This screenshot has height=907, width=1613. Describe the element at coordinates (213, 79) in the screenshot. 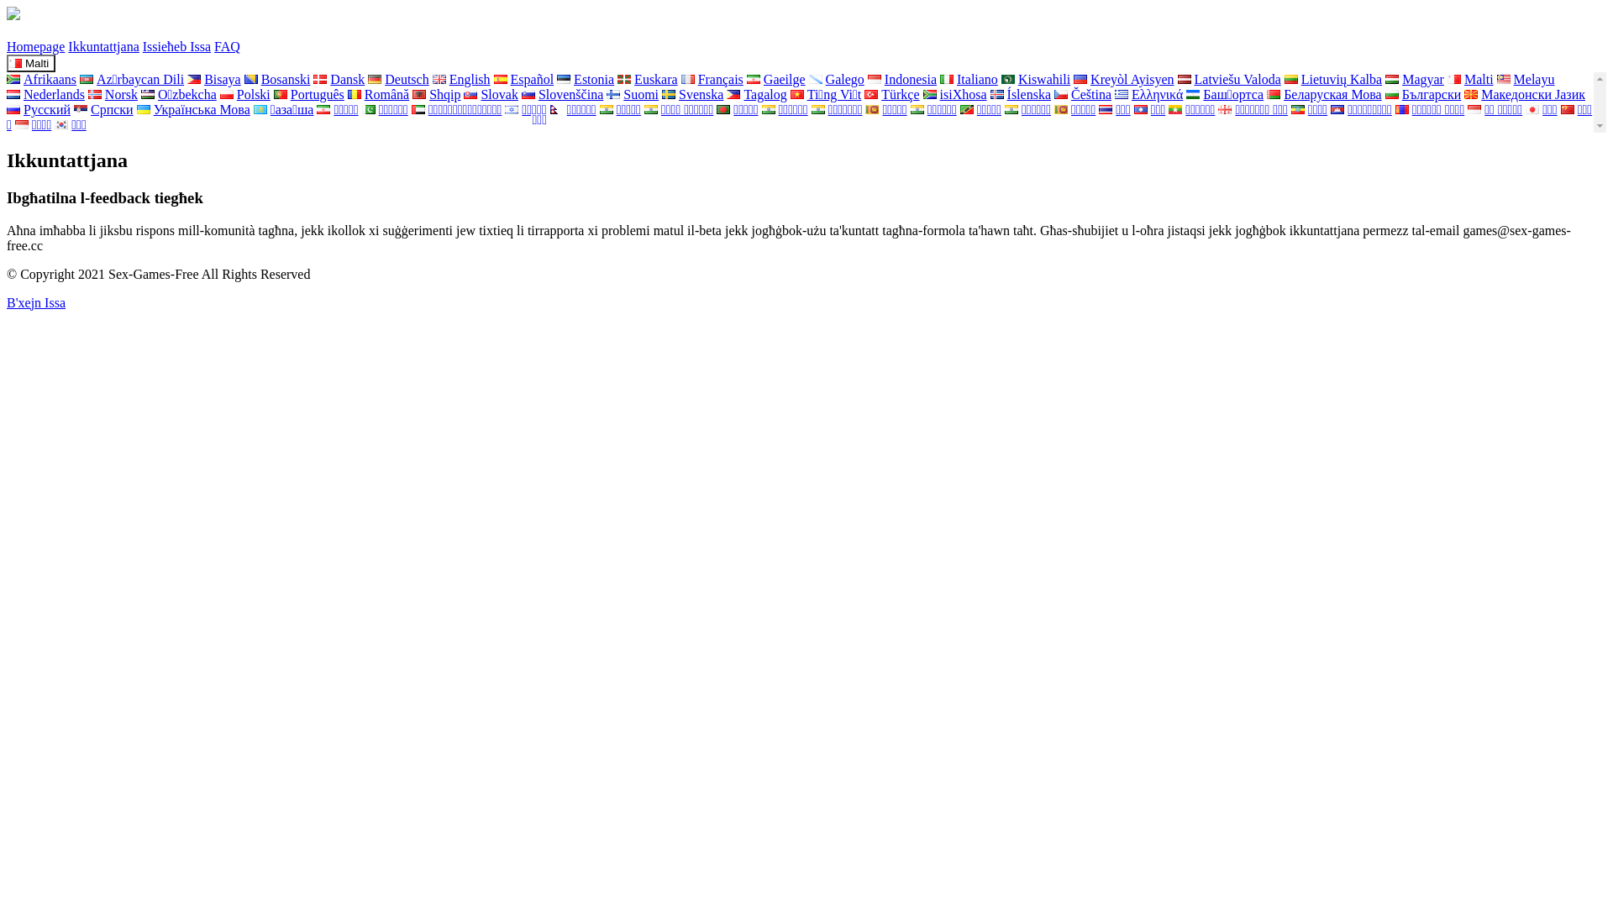

I see `'Bisaya'` at that location.